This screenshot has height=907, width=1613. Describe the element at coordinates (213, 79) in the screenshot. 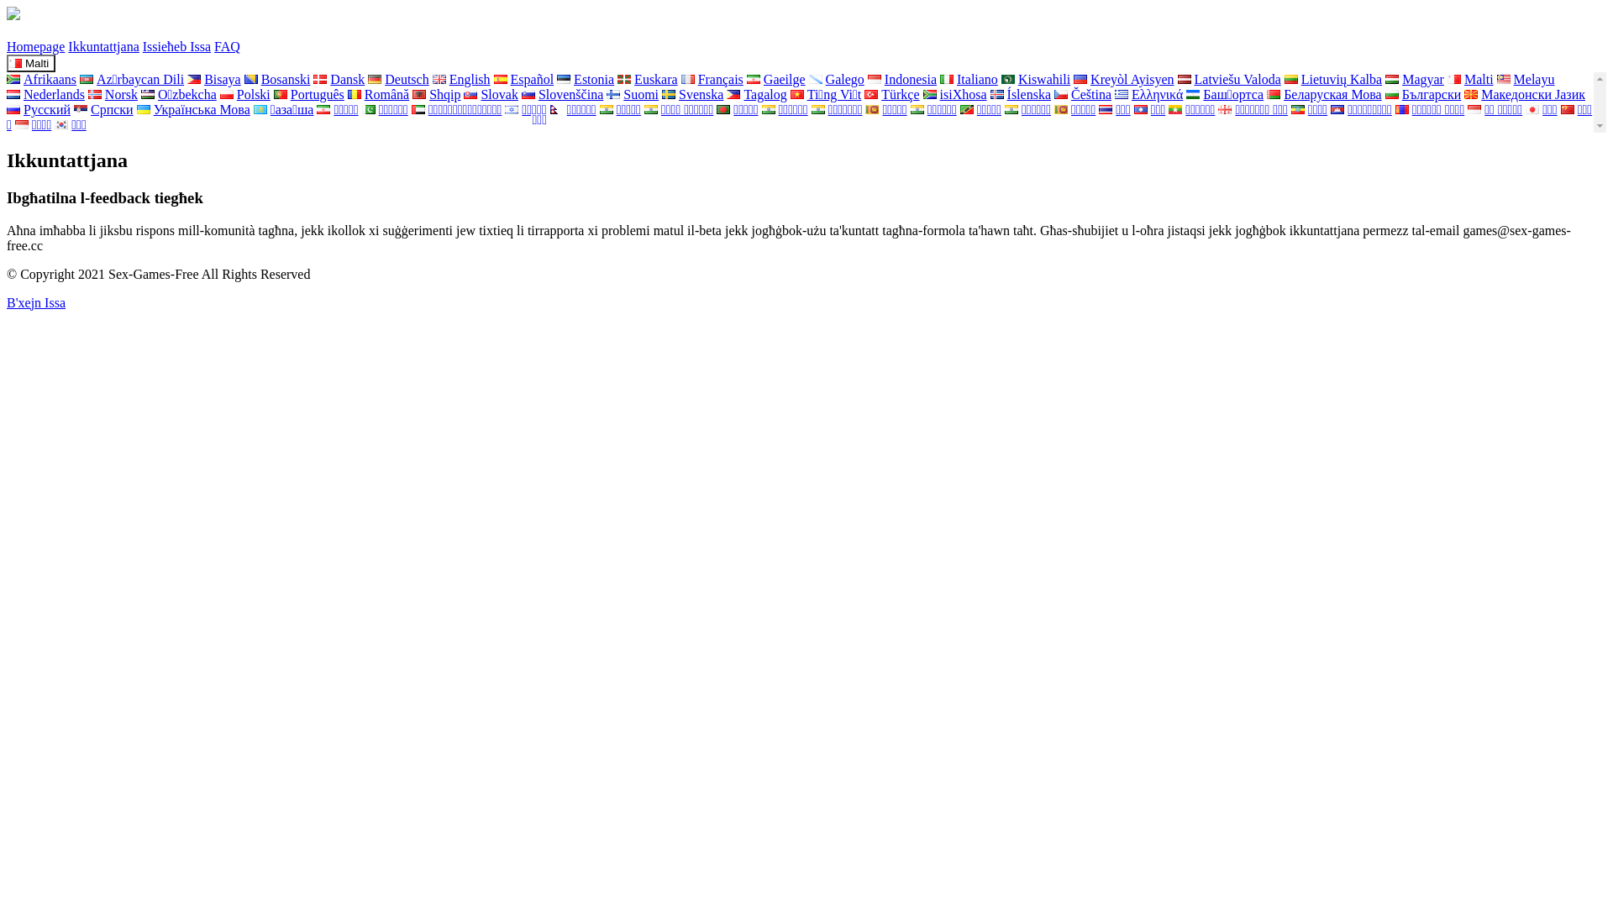

I see `'Bisaya'` at that location.